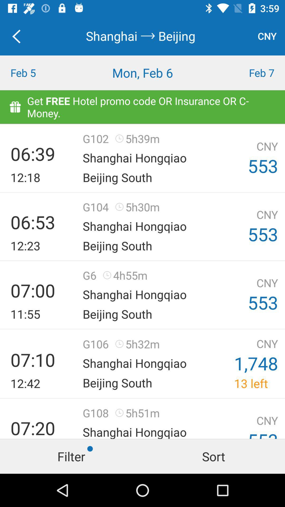 Image resolution: width=285 pixels, height=507 pixels. What do you see at coordinates (142, 72) in the screenshot?
I see `the item next to feb 5` at bounding box center [142, 72].